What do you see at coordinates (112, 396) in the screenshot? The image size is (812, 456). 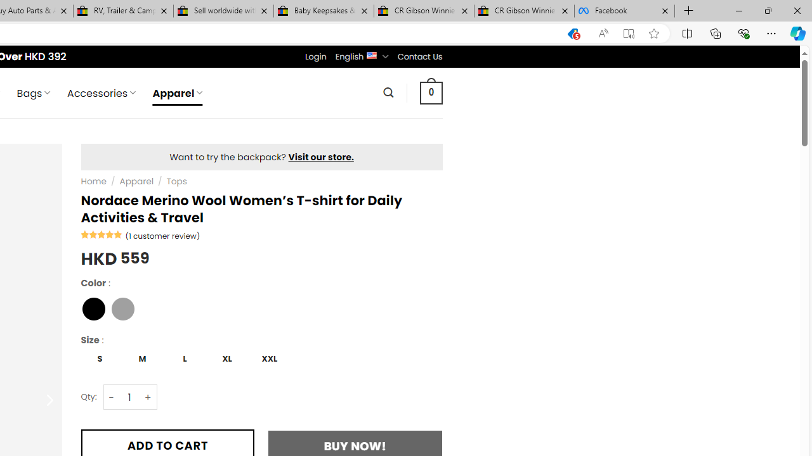 I see `'-'` at bounding box center [112, 396].